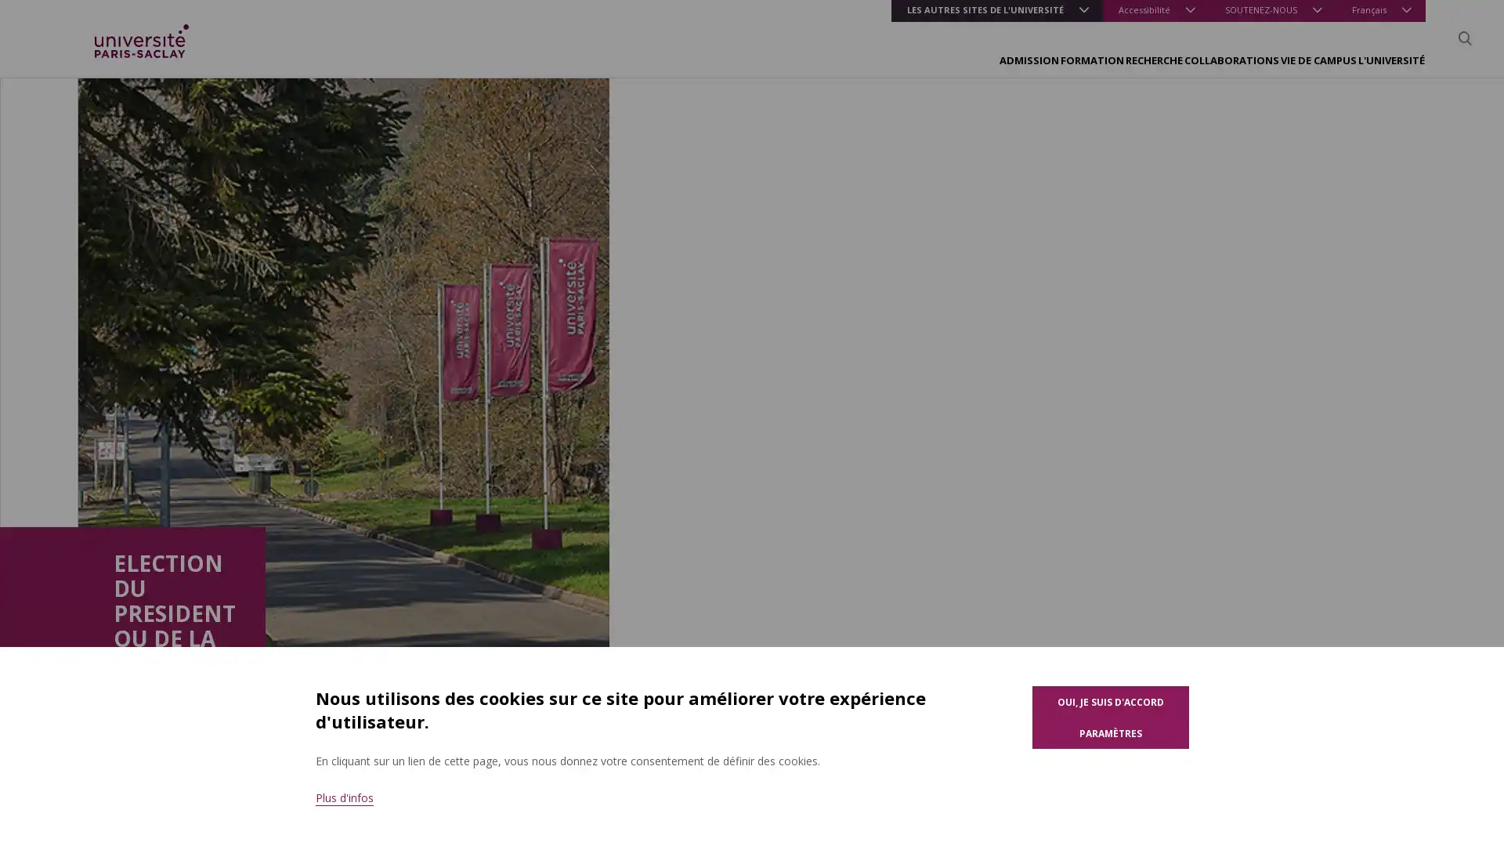 Image resolution: width=1504 pixels, height=846 pixels. Describe the element at coordinates (994, 53) in the screenshot. I see `RECHERCHE` at that location.